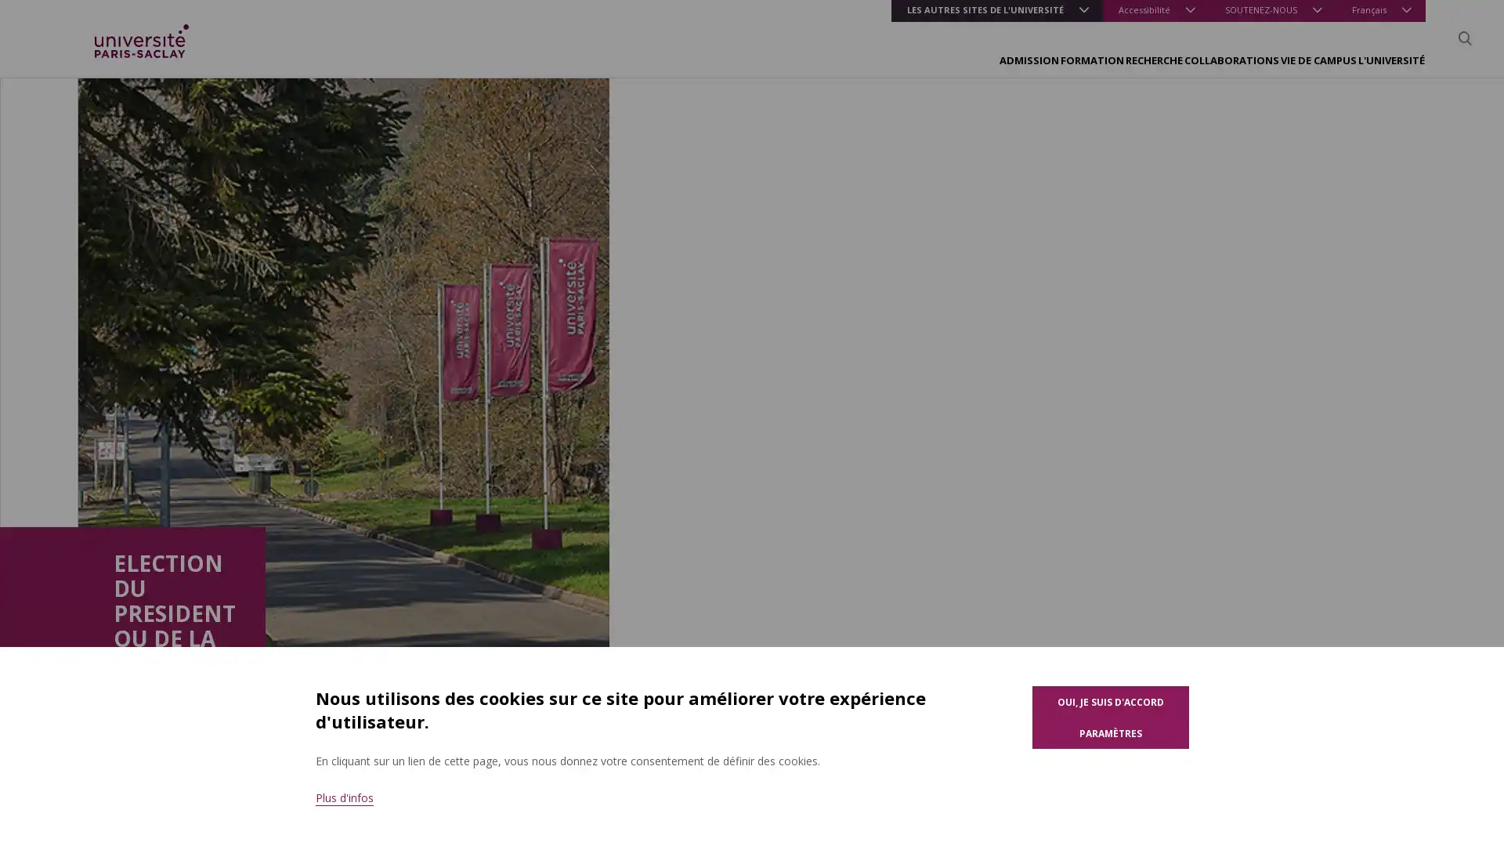 Image resolution: width=1504 pixels, height=846 pixels. Describe the element at coordinates (994, 53) in the screenshot. I see `RECHERCHE` at that location.